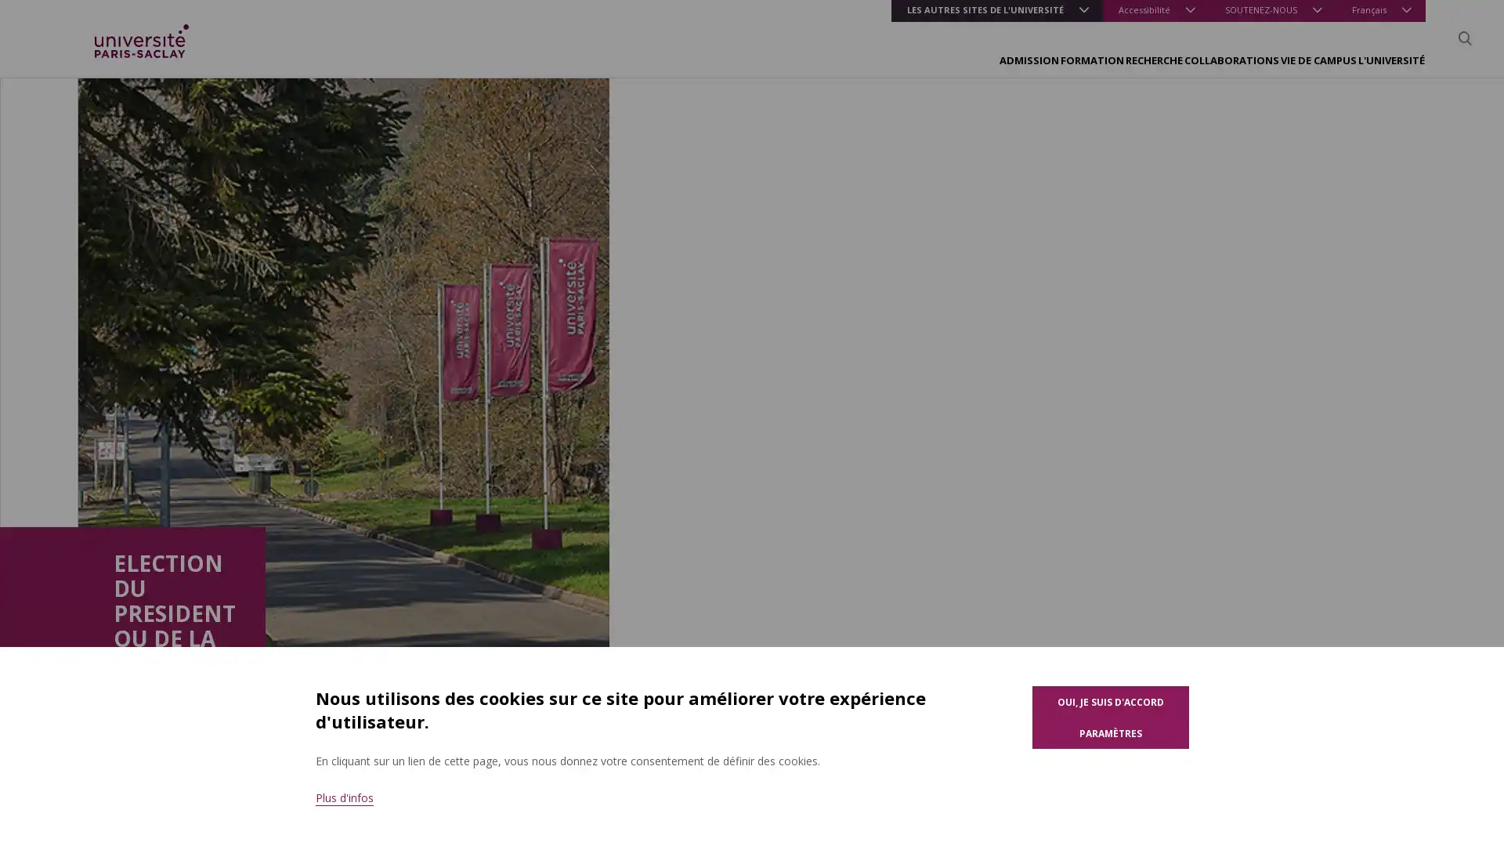 Image resolution: width=1504 pixels, height=846 pixels. Describe the element at coordinates (994, 53) in the screenshot. I see `RECHERCHE` at that location.